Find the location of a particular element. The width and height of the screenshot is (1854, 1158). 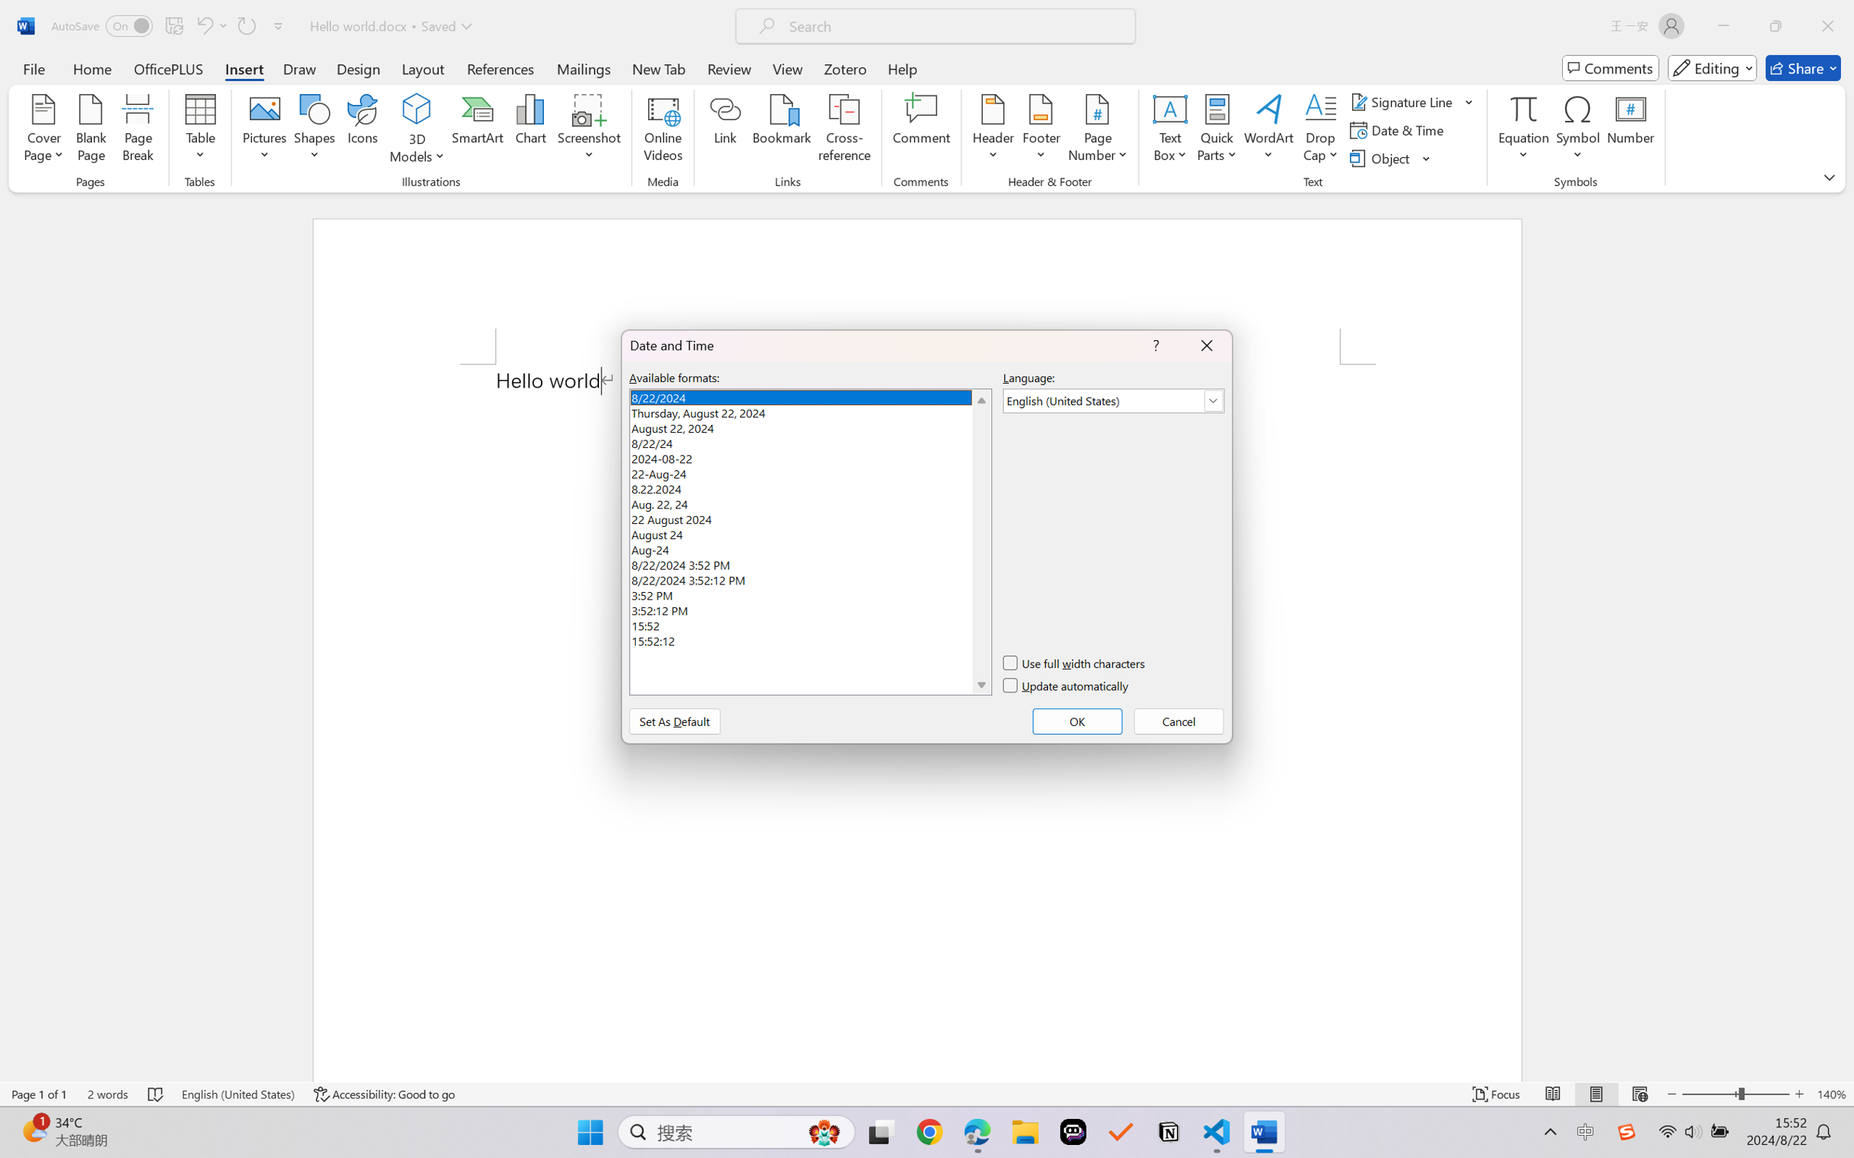

'Object...' is located at coordinates (1381, 159).